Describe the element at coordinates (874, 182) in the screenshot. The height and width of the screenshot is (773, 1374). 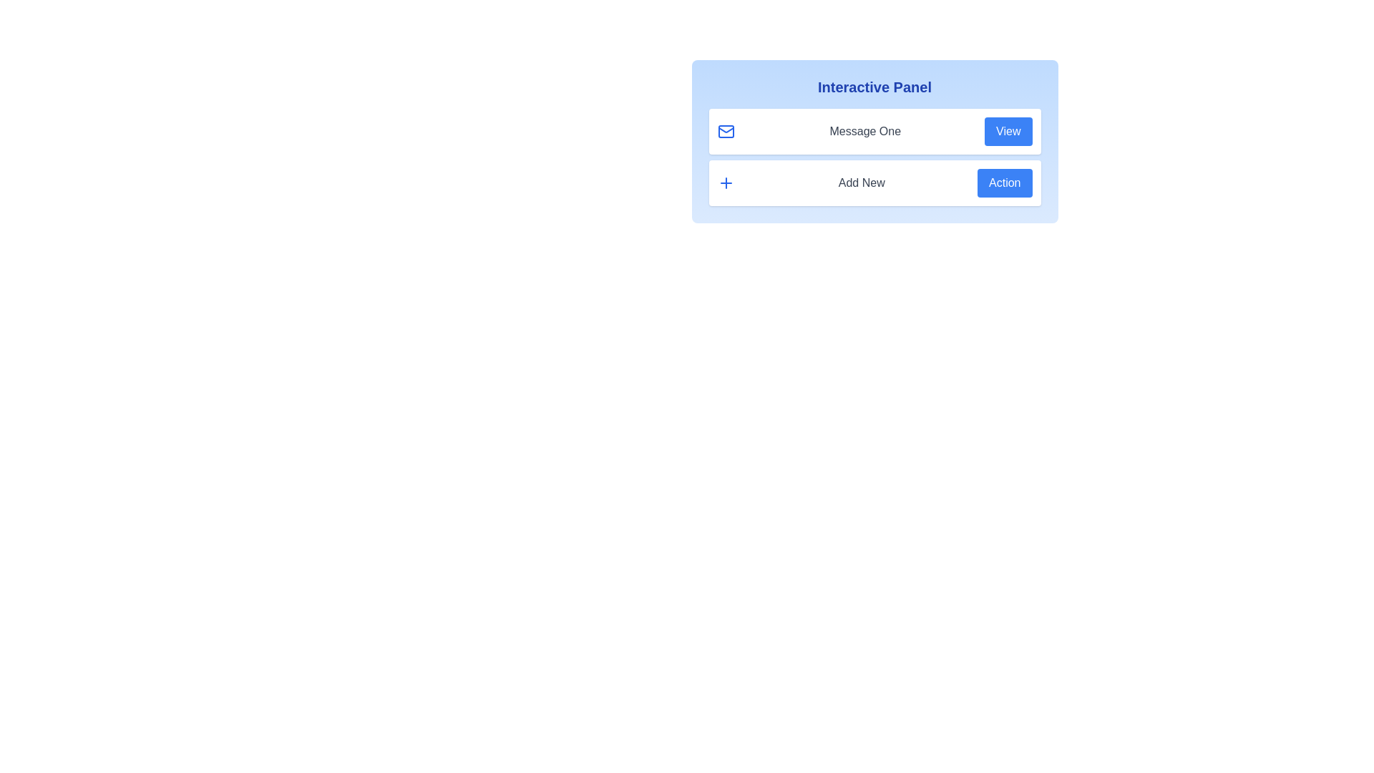
I see `the entry Add New to observe the shadow effect` at that location.